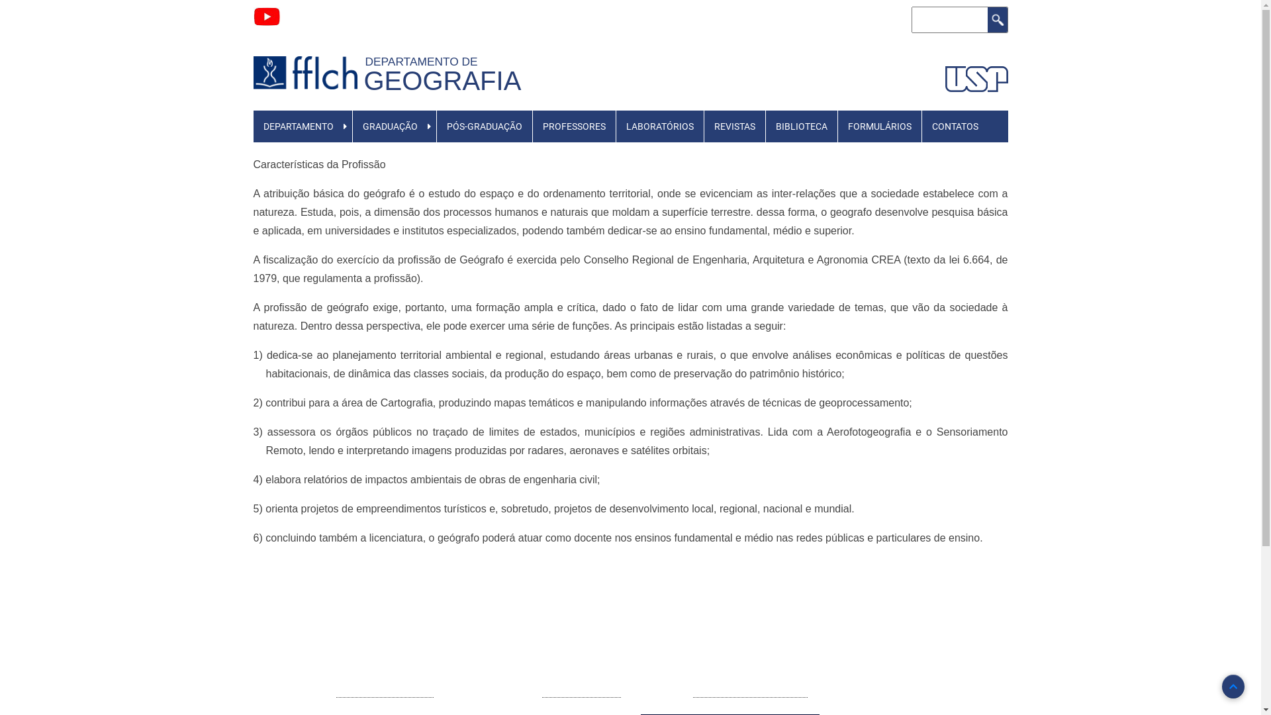 Image resolution: width=1271 pixels, height=715 pixels. Describe the element at coordinates (297, 126) in the screenshot. I see `'DEPARTAMENTO'` at that location.